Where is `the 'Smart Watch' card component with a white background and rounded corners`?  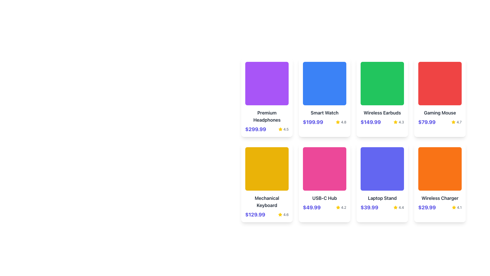
the 'Smart Watch' card component with a white background and rounded corners is located at coordinates (324, 97).